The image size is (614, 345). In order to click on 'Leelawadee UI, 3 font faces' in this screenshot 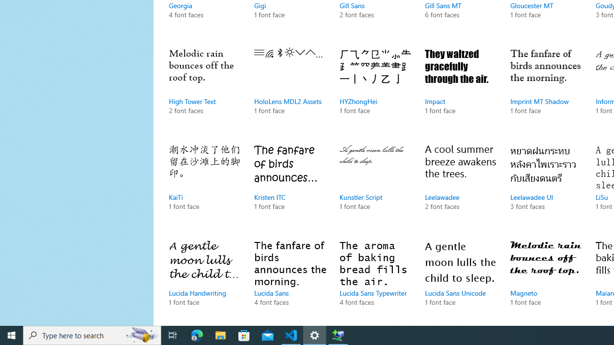, I will do `click(546, 187)`.